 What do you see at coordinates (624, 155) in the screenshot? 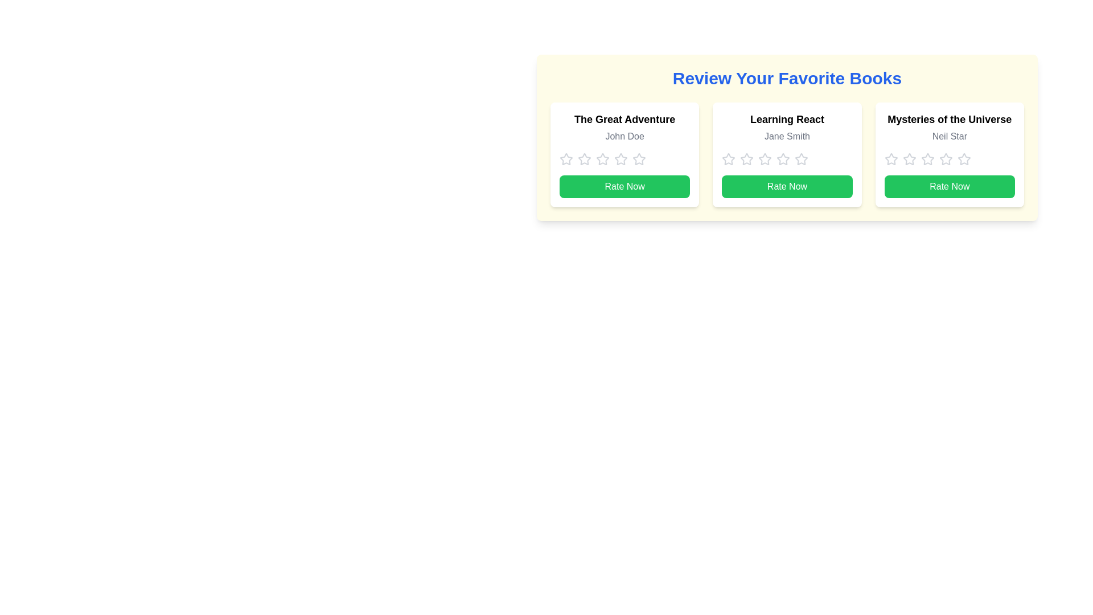
I see `one of the star icons in the interactive card titled 'The Great Adventure'` at bounding box center [624, 155].